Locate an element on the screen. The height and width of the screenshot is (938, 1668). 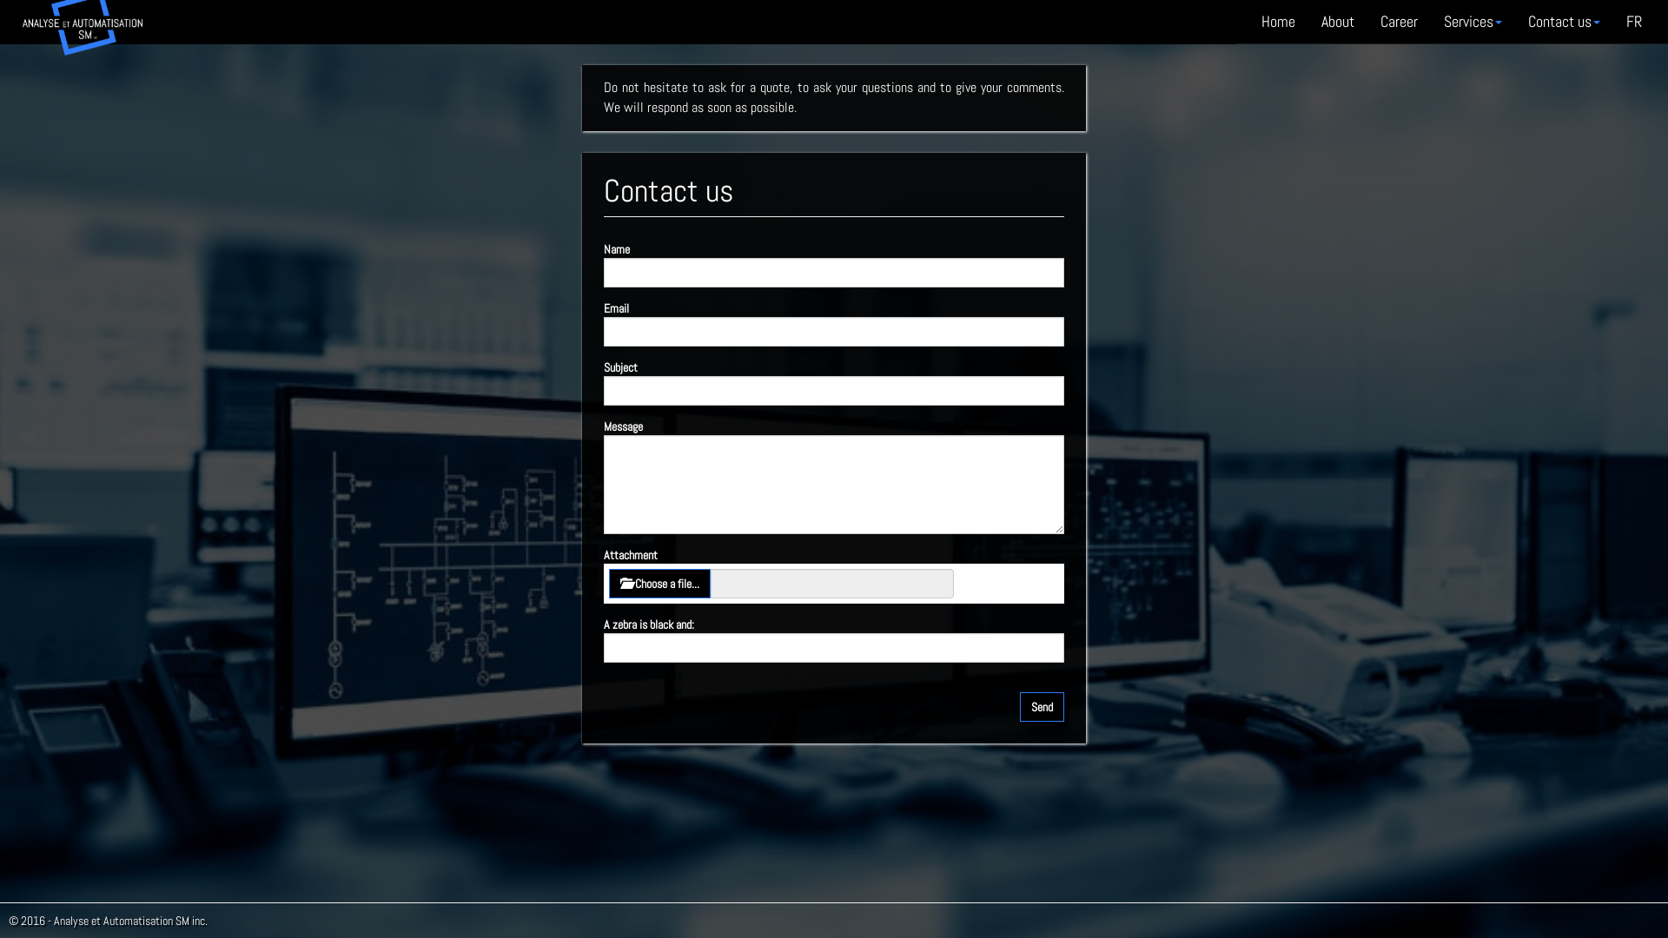
'Send' is located at coordinates (1042, 706).